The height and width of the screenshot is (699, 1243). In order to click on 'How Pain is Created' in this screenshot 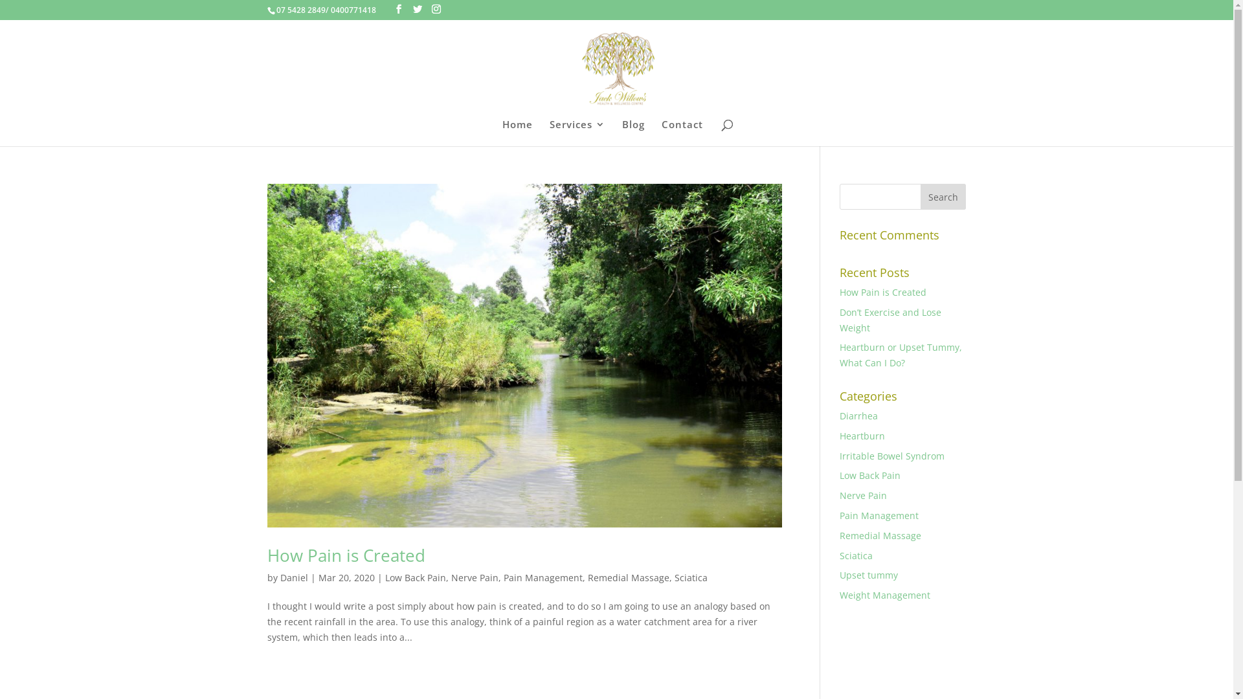, I will do `click(345, 554)`.